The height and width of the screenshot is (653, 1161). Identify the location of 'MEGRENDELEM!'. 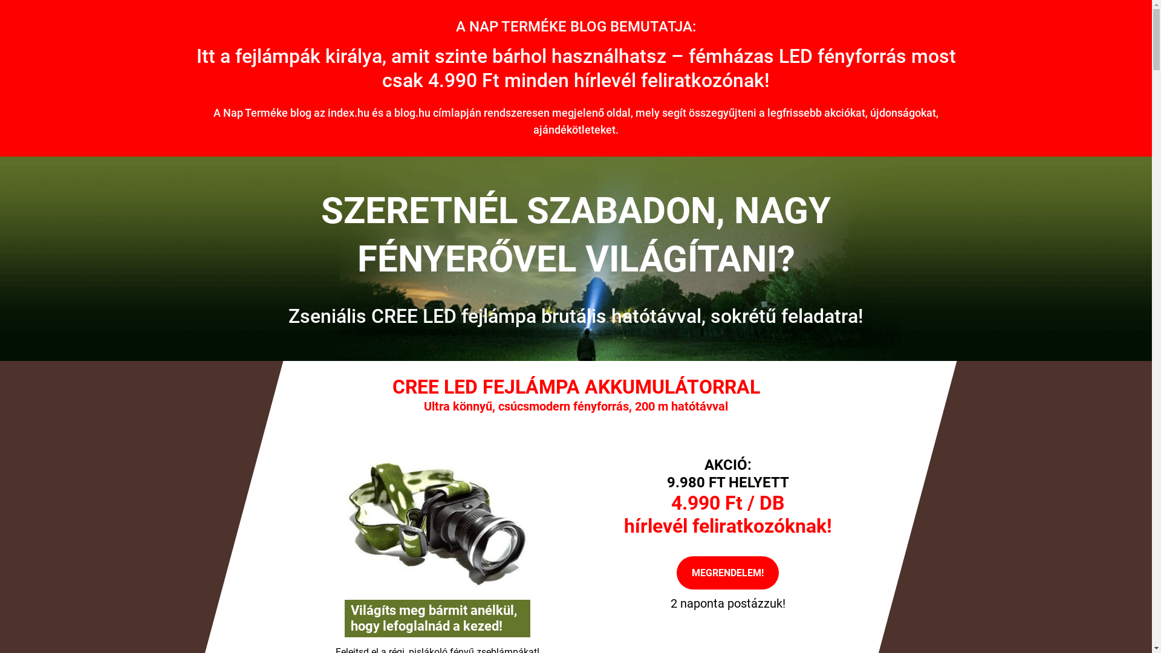
(727, 572).